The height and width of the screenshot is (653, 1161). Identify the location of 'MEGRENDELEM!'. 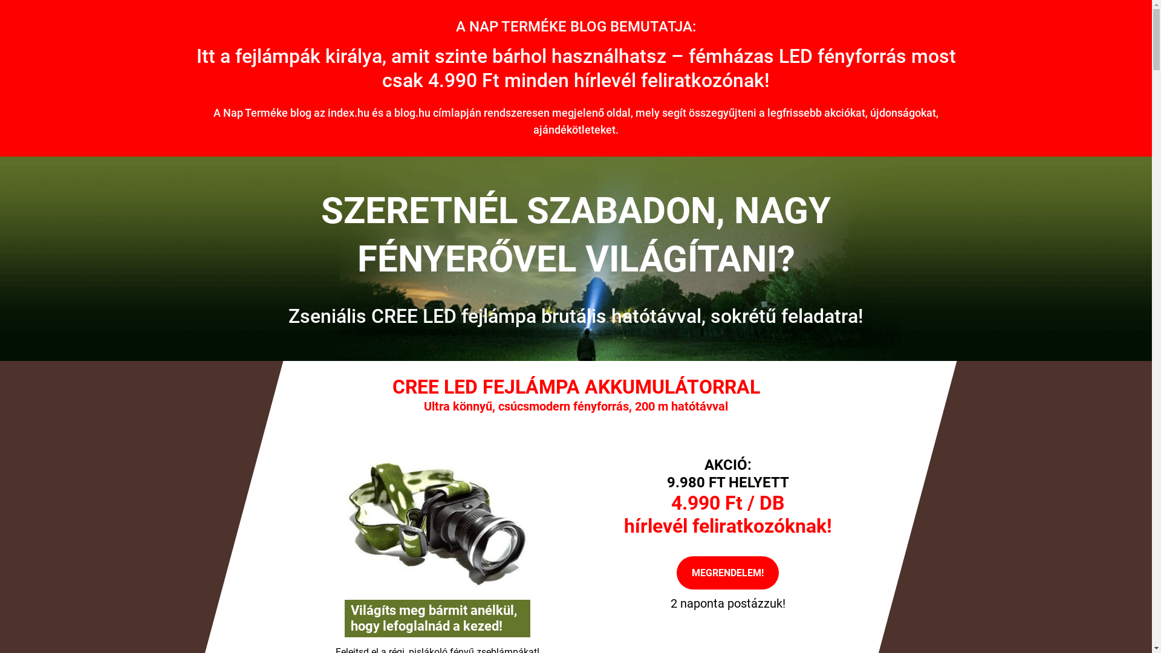
(727, 572).